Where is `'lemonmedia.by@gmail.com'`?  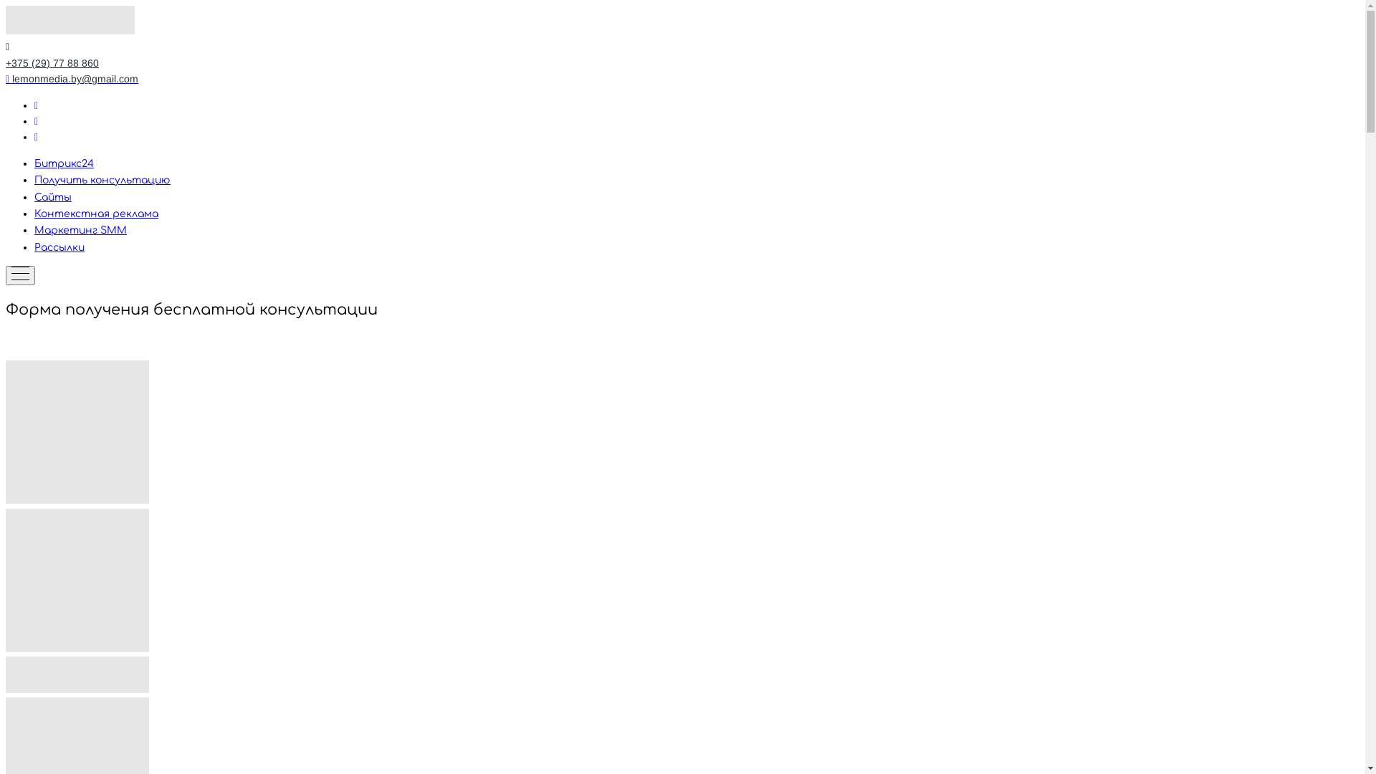 'lemonmedia.by@gmail.com' is located at coordinates (71, 79).